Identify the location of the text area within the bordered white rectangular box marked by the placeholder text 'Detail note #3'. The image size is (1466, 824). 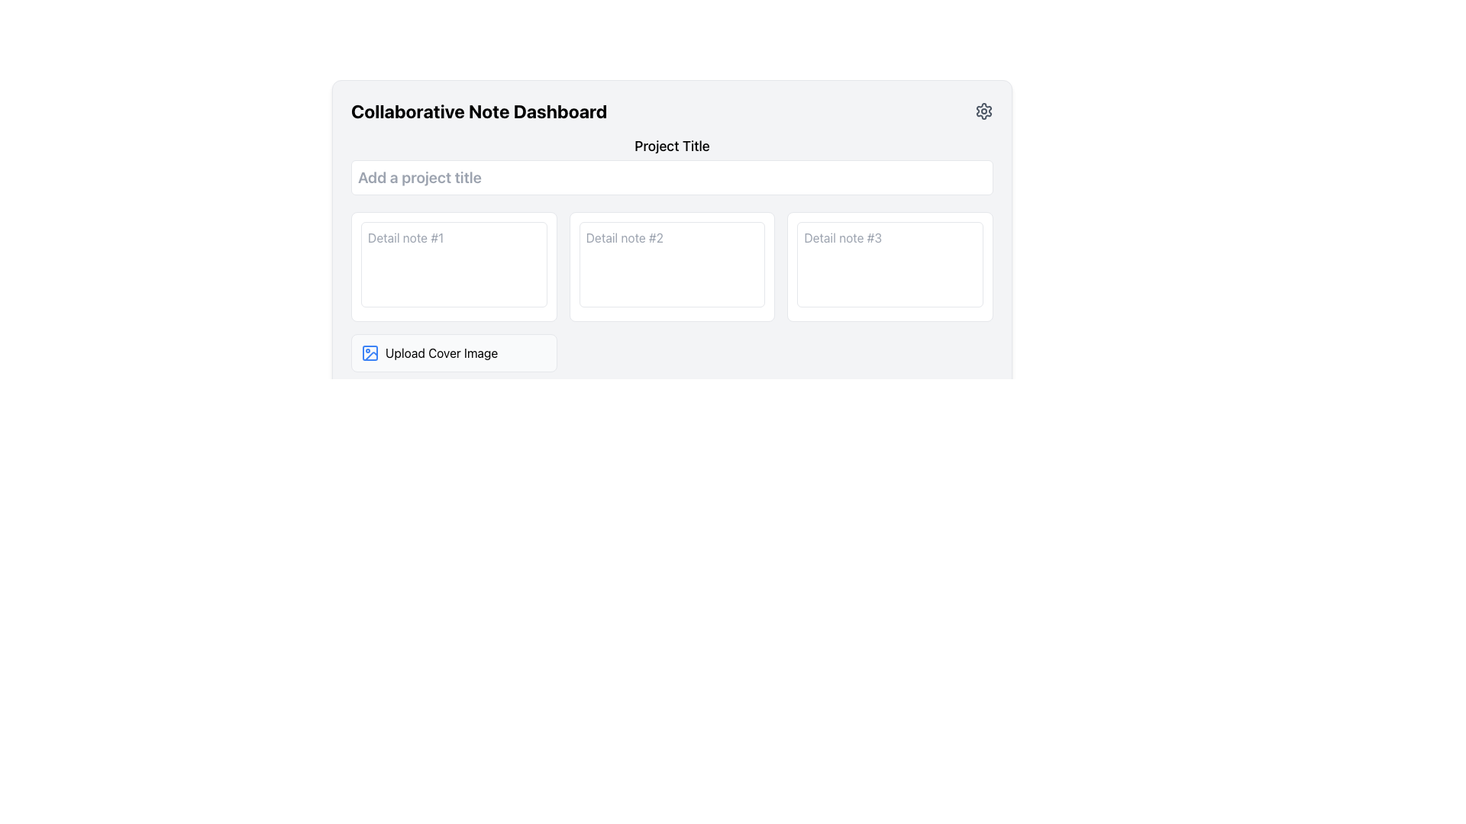
(890, 266).